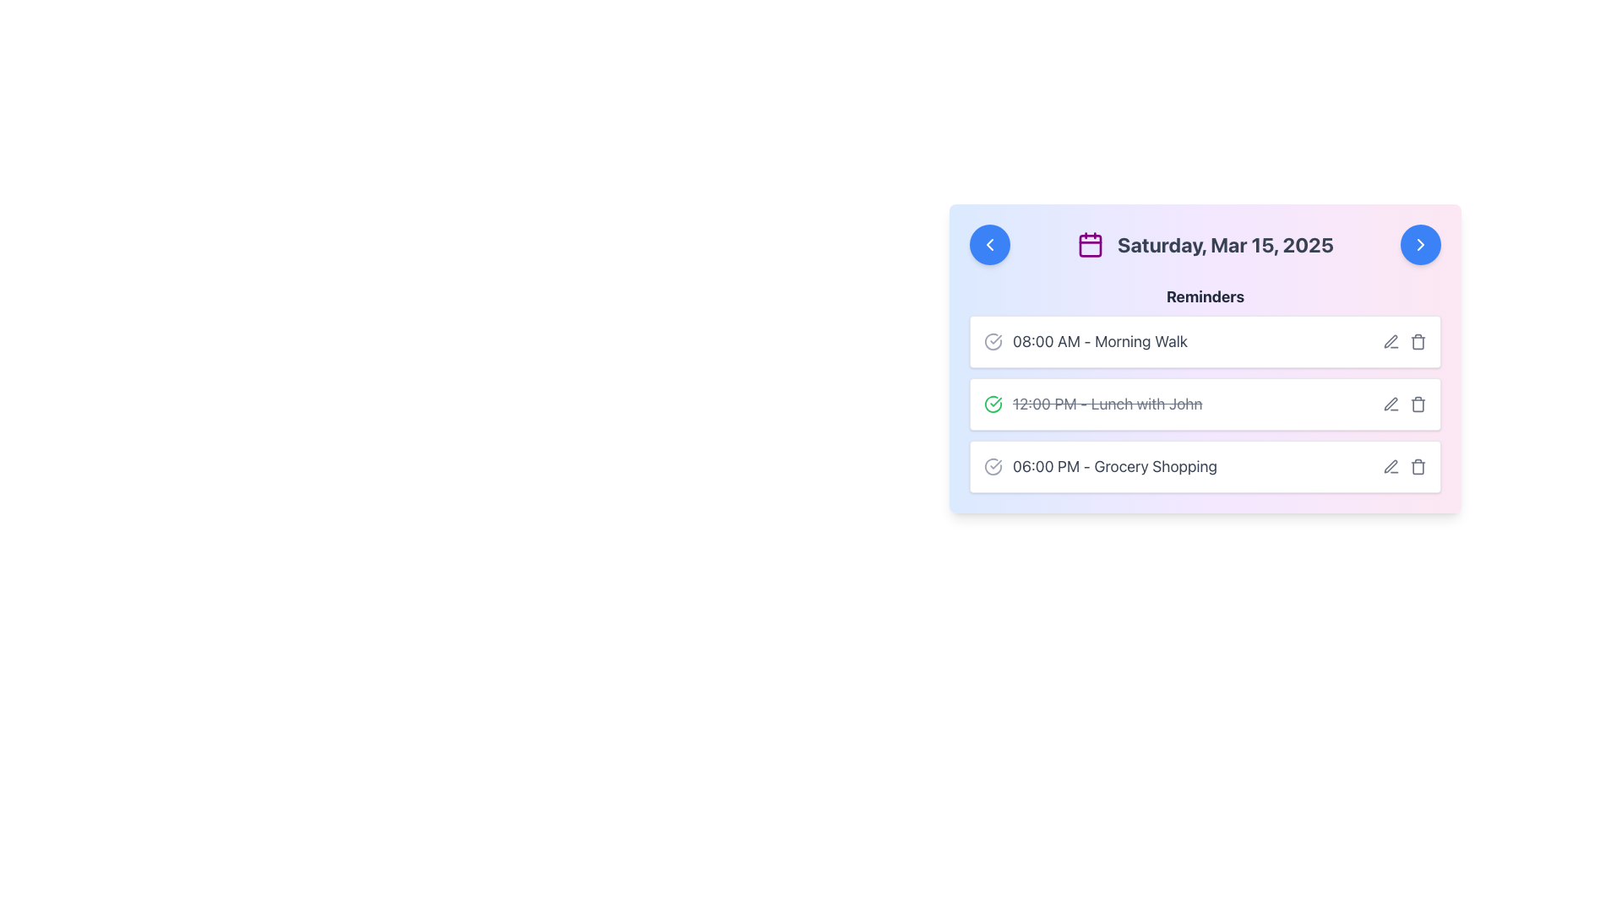 The image size is (1622, 912). What do you see at coordinates (989, 244) in the screenshot?
I see `the left-pointing chevron arrow navigation icon located in the blue circular area` at bounding box center [989, 244].